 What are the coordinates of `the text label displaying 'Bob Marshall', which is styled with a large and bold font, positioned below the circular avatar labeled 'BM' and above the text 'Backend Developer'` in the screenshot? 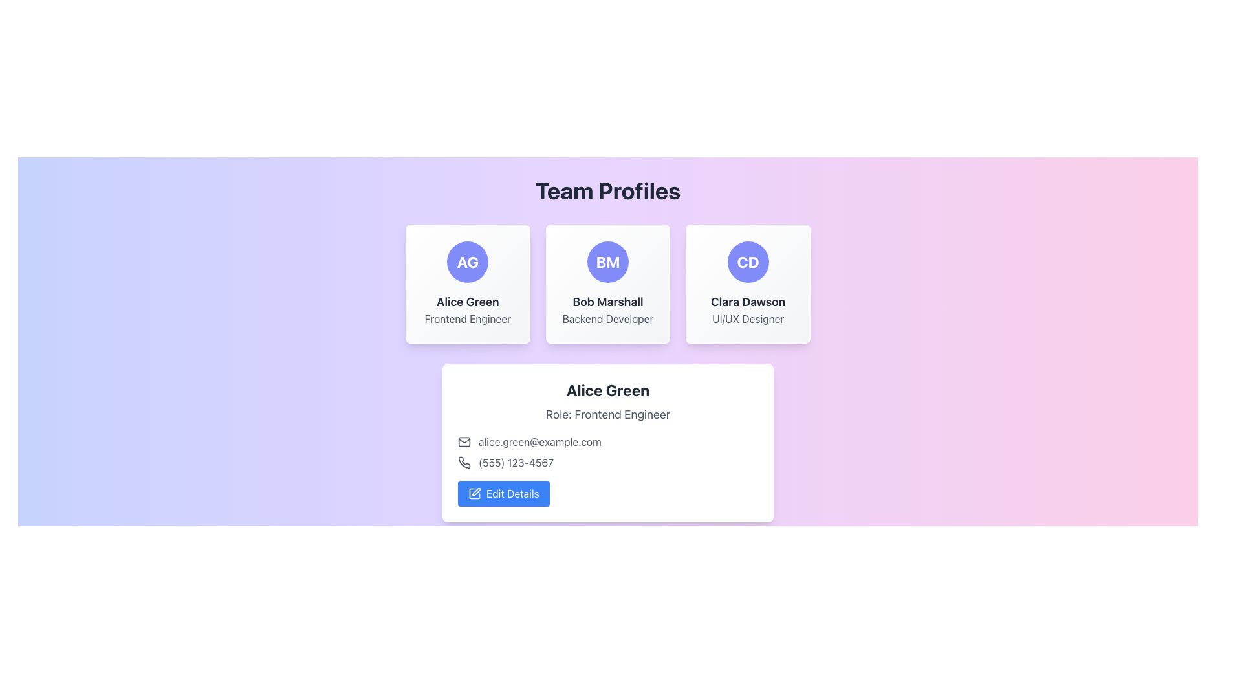 It's located at (607, 302).